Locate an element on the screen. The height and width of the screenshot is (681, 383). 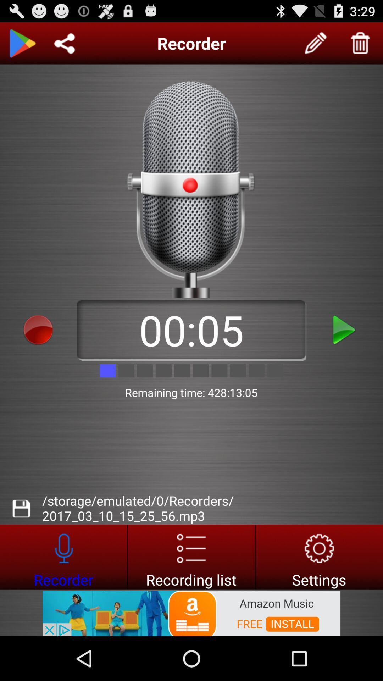
advertisement is located at coordinates (63, 557).